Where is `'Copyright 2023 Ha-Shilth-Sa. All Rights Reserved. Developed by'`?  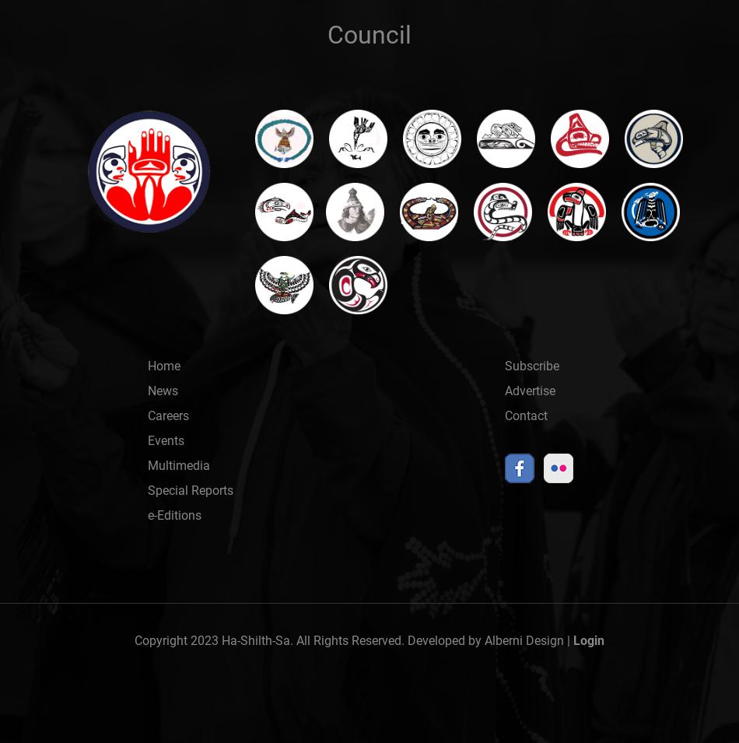 'Copyright 2023 Ha-Shilth-Sa. All Rights Reserved. Developed by' is located at coordinates (308, 640).